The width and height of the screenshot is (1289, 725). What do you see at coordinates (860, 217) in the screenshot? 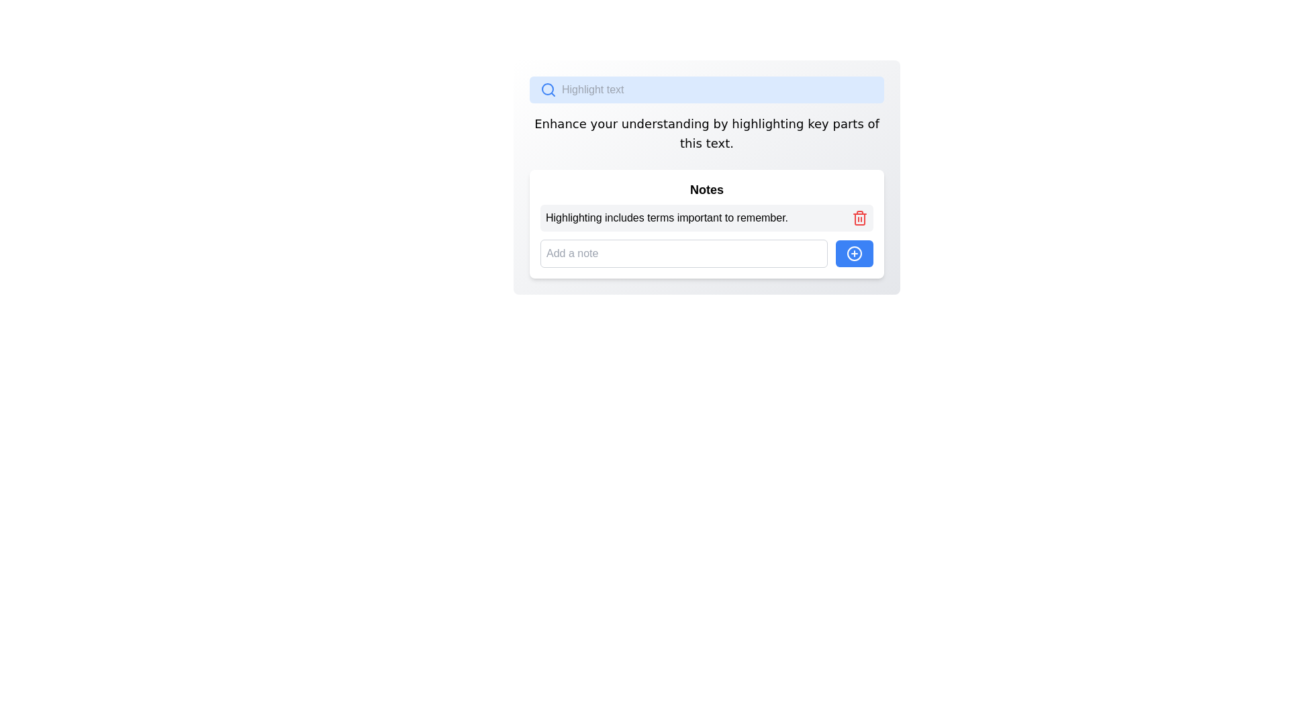
I see `the red trash can icon located on the right side of the text 'Highlighting includes terms important to remember.'` at bounding box center [860, 217].